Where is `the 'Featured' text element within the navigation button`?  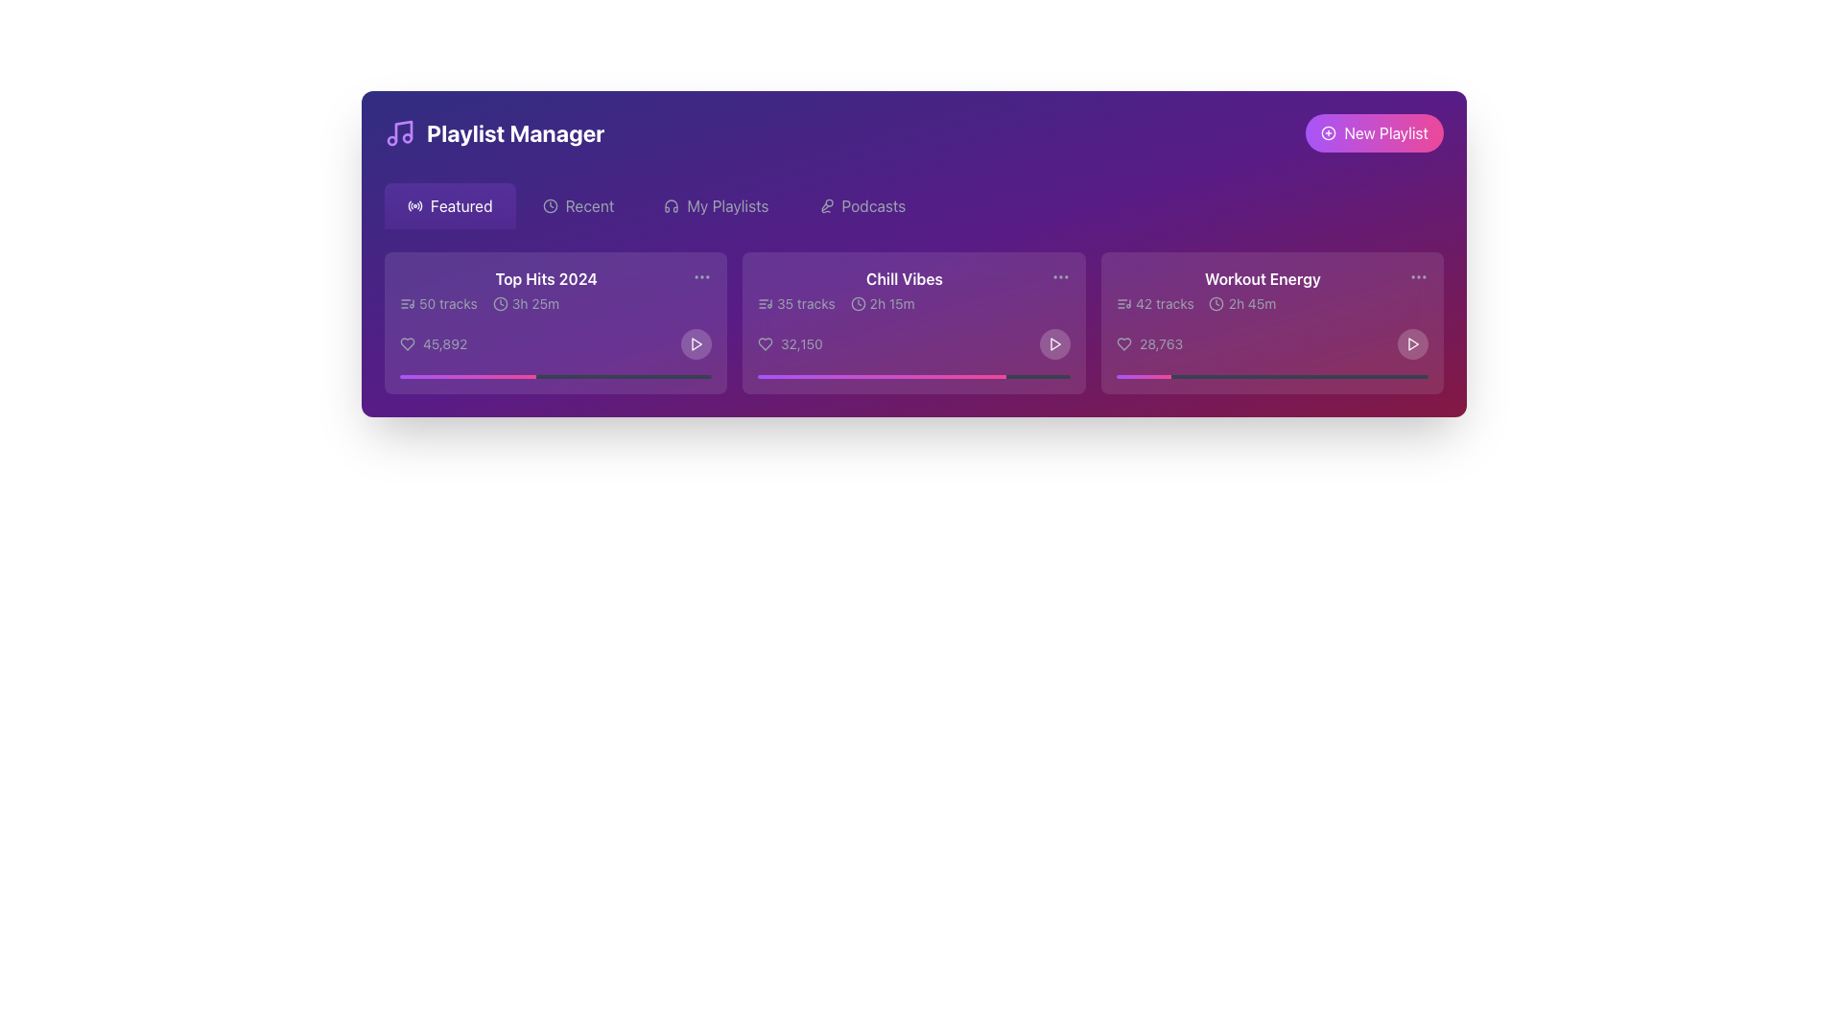 the 'Featured' text element within the navigation button is located at coordinates (461, 206).